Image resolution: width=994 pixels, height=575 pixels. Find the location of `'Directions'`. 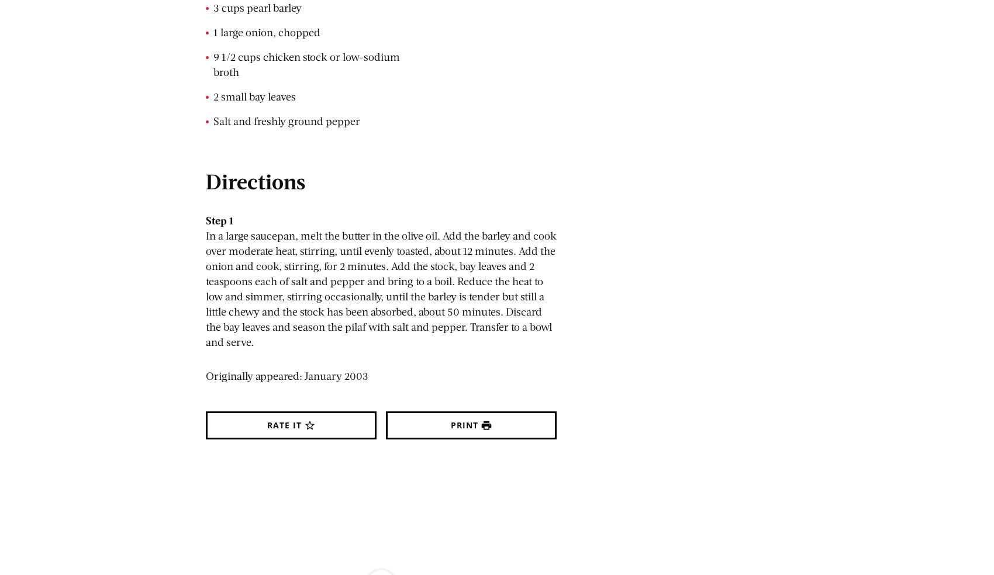

'Directions' is located at coordinates (256, 180).